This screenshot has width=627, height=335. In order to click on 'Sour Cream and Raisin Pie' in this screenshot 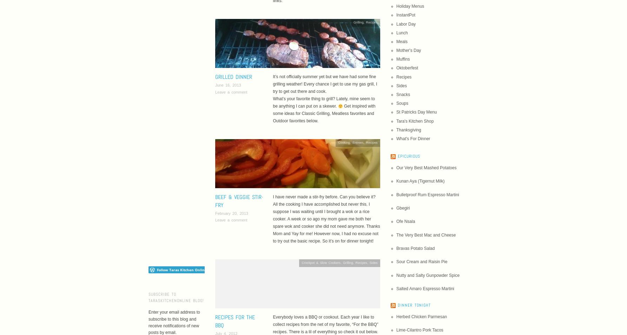, I will do `click(396, 261)`.